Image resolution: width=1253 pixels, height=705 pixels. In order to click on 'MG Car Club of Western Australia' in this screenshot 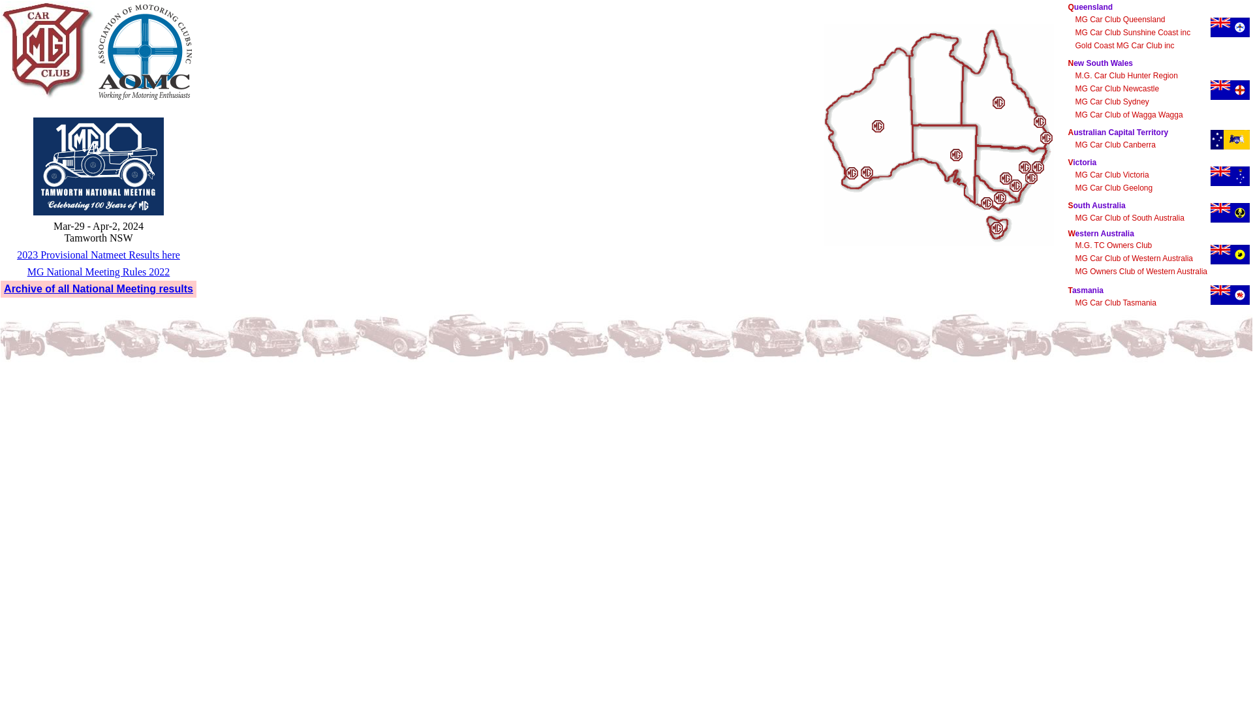, I will do `click(1133, 258)`.